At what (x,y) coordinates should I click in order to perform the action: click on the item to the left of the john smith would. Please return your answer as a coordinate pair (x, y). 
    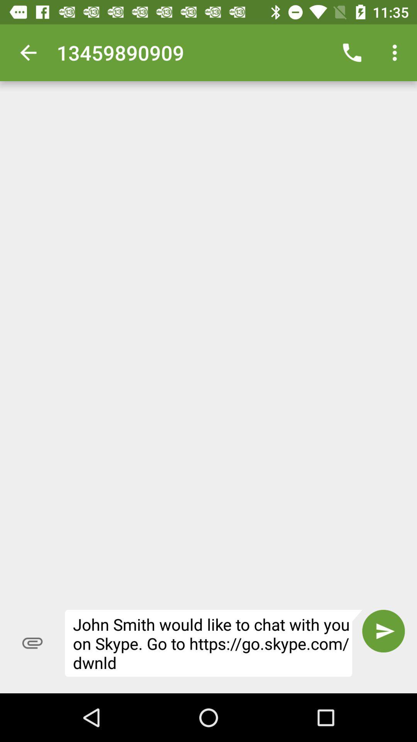
    Looking at the image, I should click on (32, 643).